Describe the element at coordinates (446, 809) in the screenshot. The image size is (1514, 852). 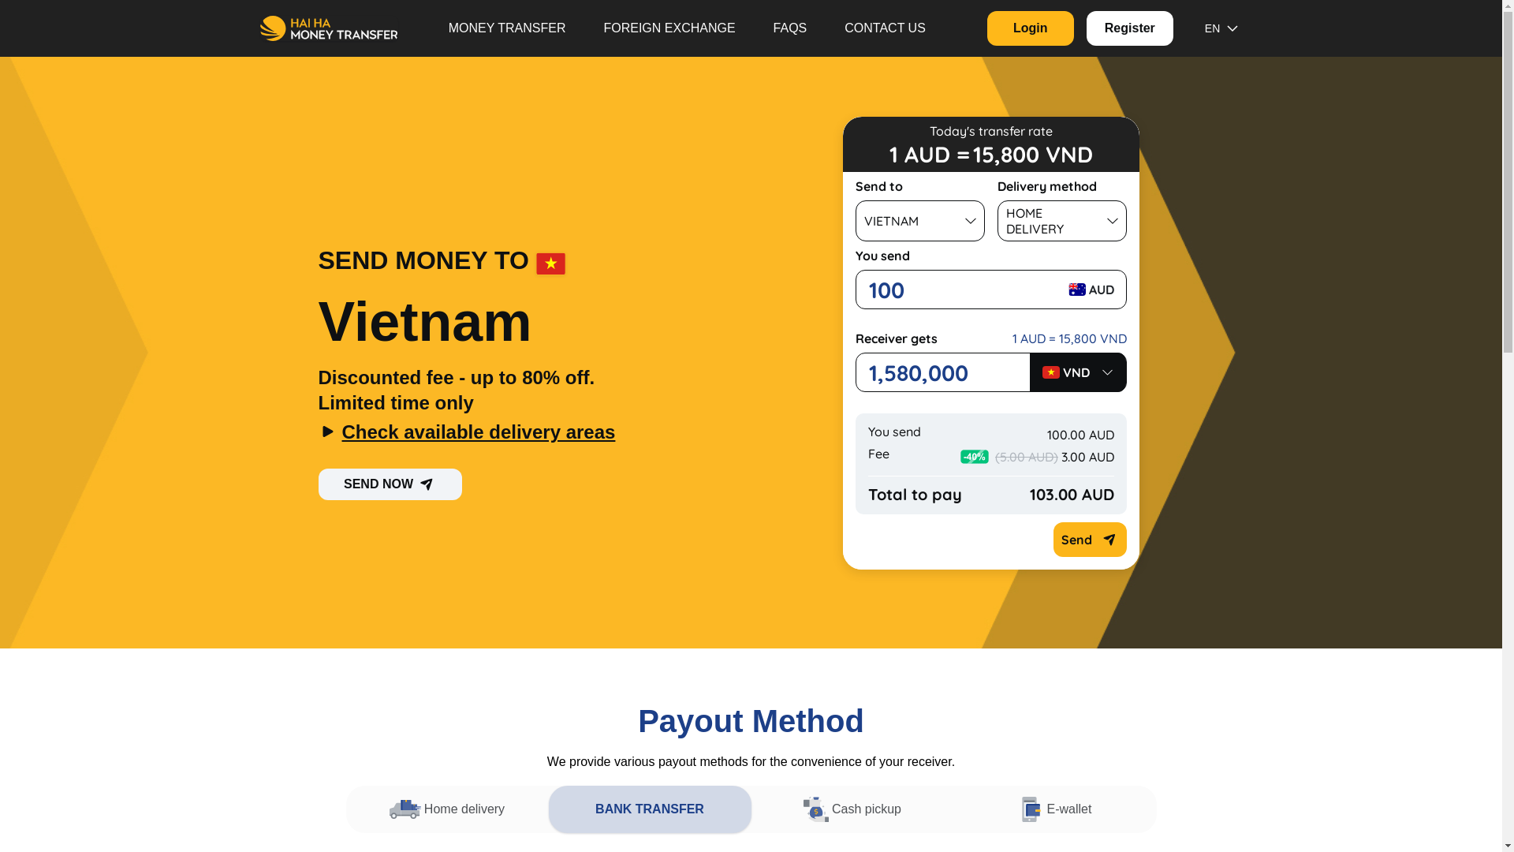
I see `'Home delivery'` at that location.